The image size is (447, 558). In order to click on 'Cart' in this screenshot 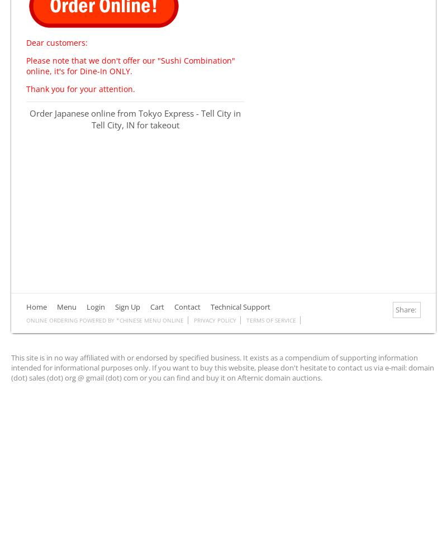, I will do `click(157, 306)`.